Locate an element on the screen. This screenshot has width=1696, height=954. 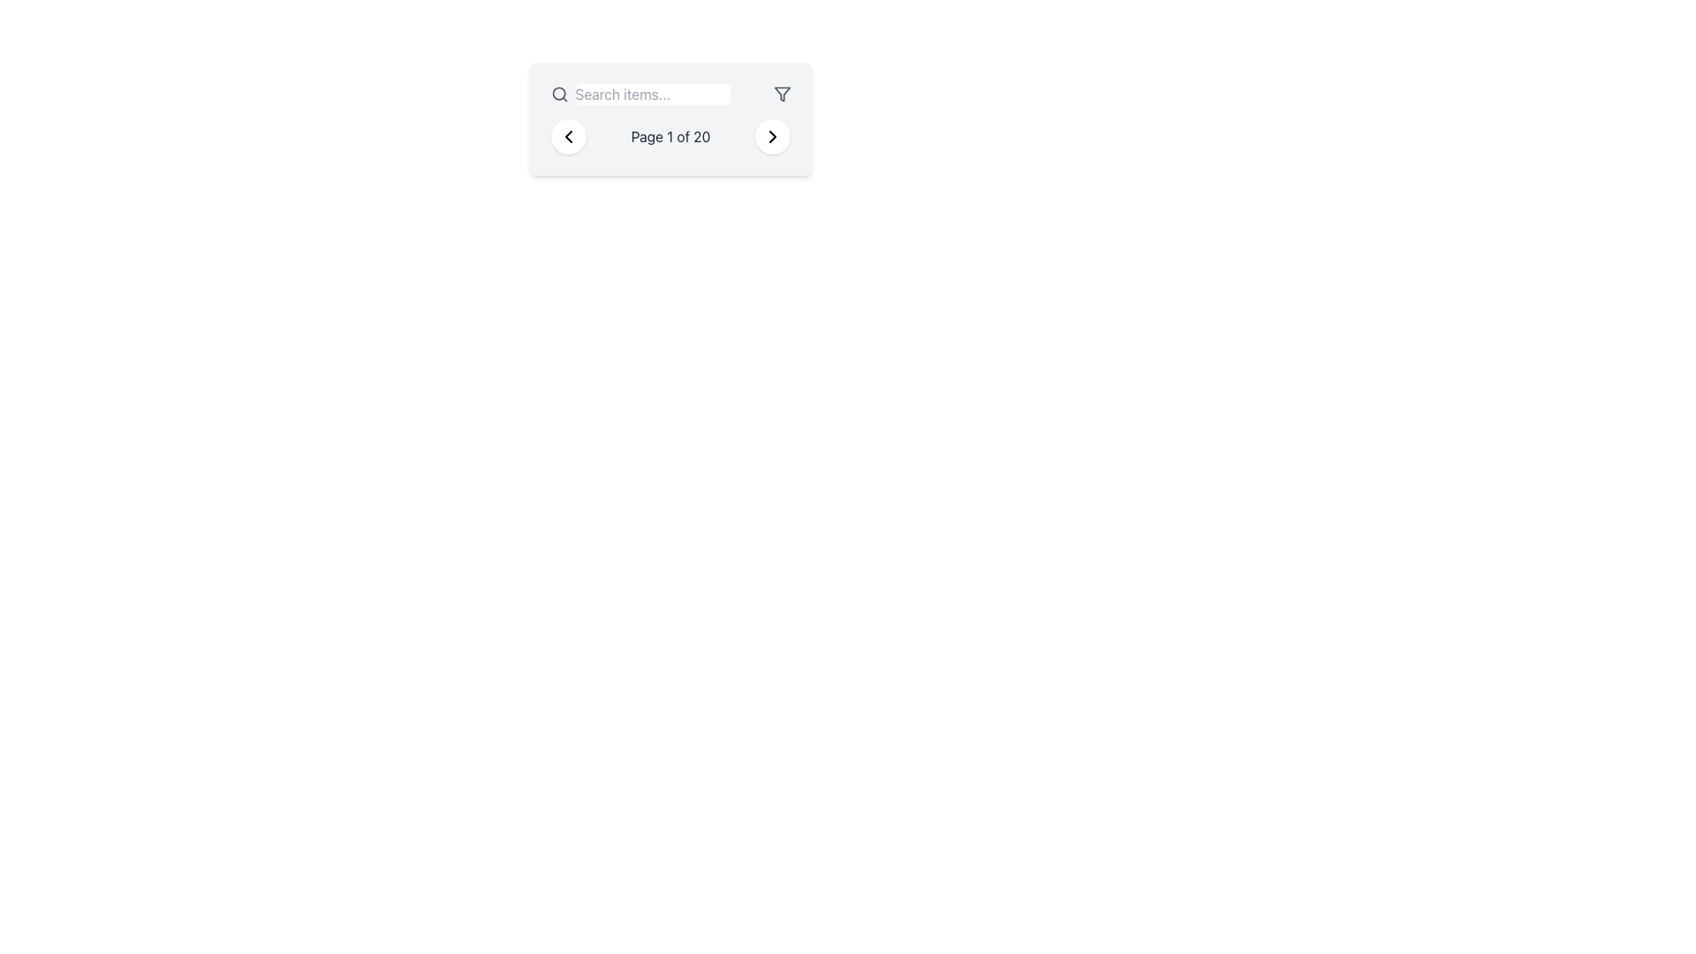
the white circular button with a right-facing arrow icon, which changes to a gray background color when hovered over is located at coordinates (773, 135).